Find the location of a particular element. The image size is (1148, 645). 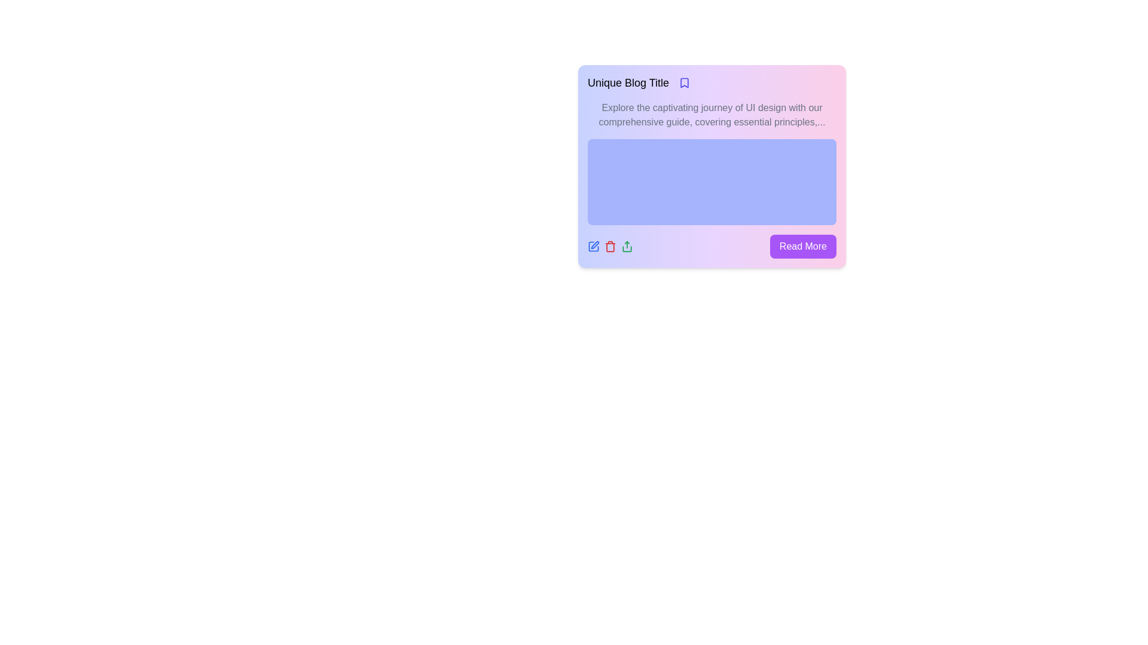

the trash can icon button, which is solid red and located in the bottom-left section of the card-like interface is located at coordinates (610, 245).